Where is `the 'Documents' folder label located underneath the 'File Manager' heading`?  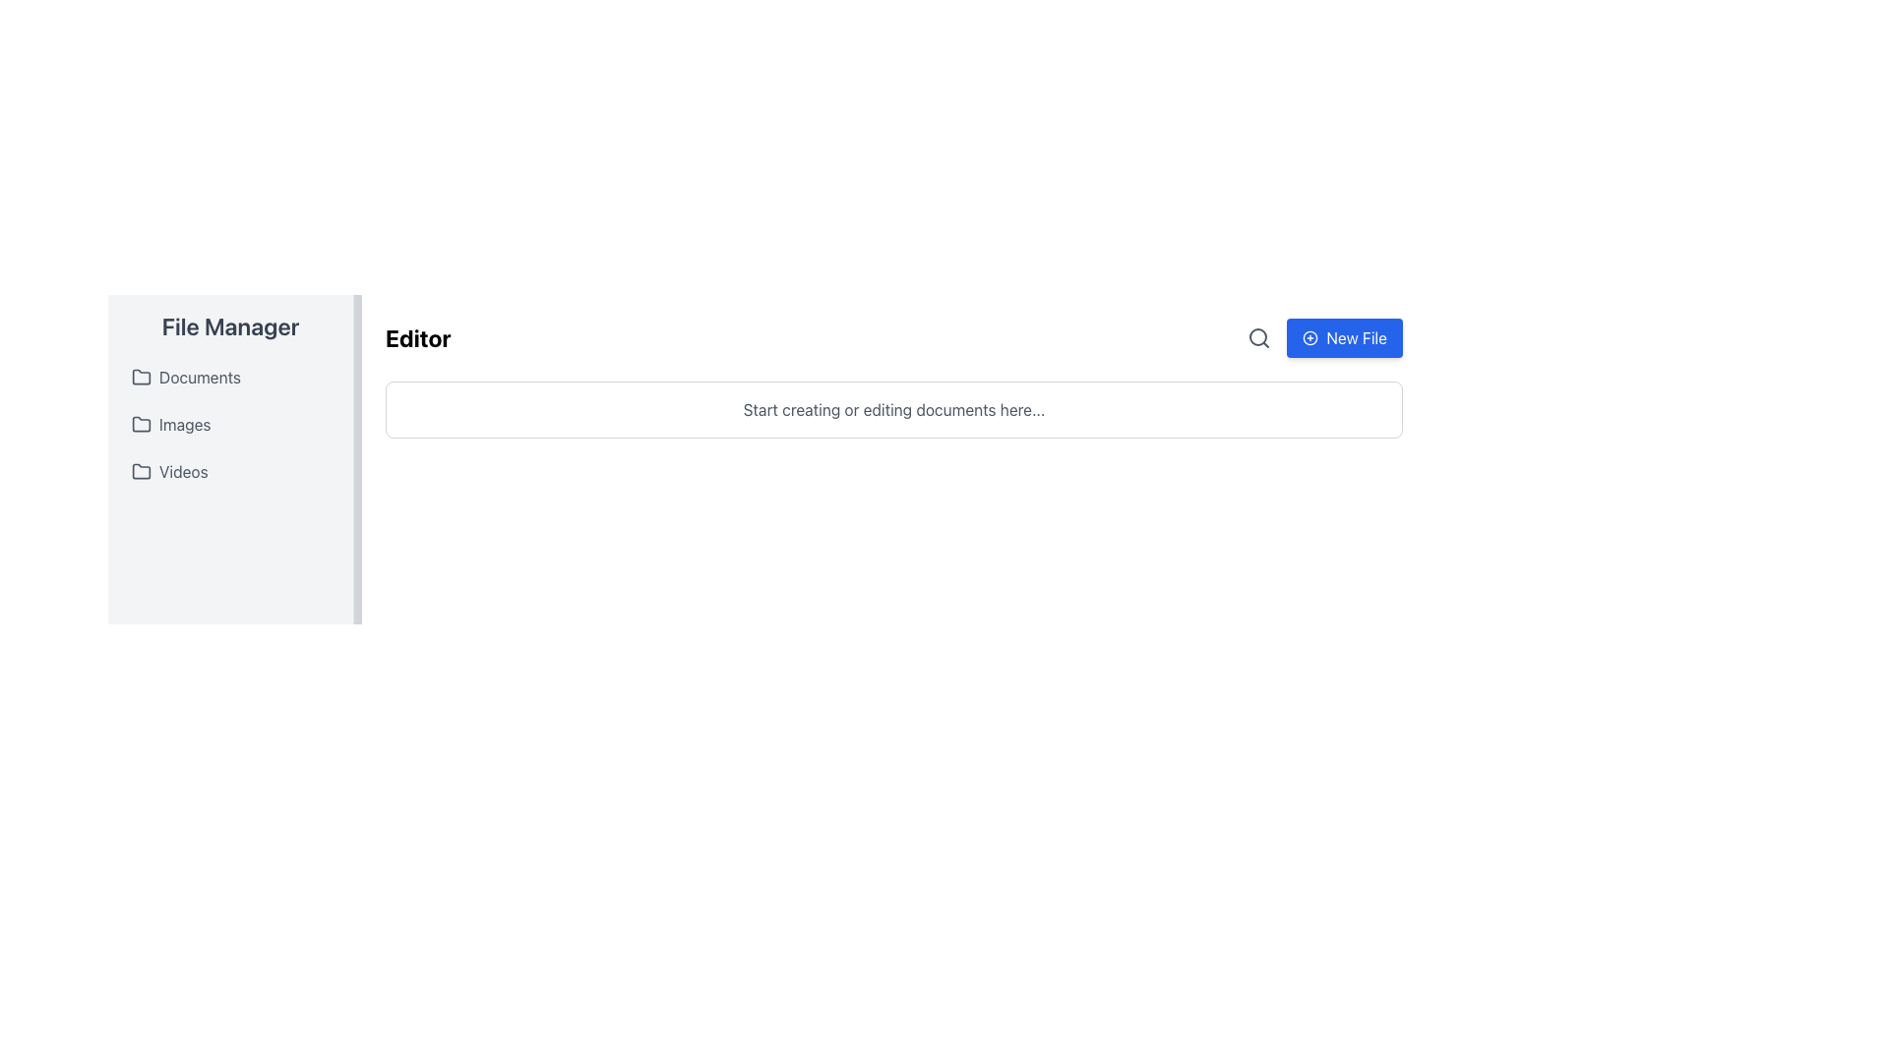 the 'Documents' folder label located underneath the 'File Manager' heading is located at coordinates (200, 378).